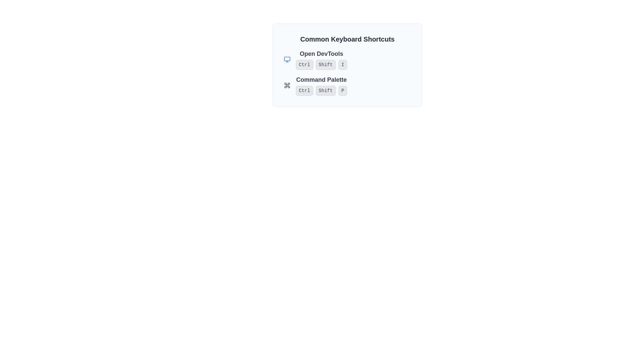  What do you see at coordinates (321, 65) in the screenshot?
I see `the group of buttons indicating keyboard shortcuts for opening the Developer Tools application located under the 'Open DevTools' heading in the 'Common Keyboard Shortcuts' section` at bounding box center [321, 65].